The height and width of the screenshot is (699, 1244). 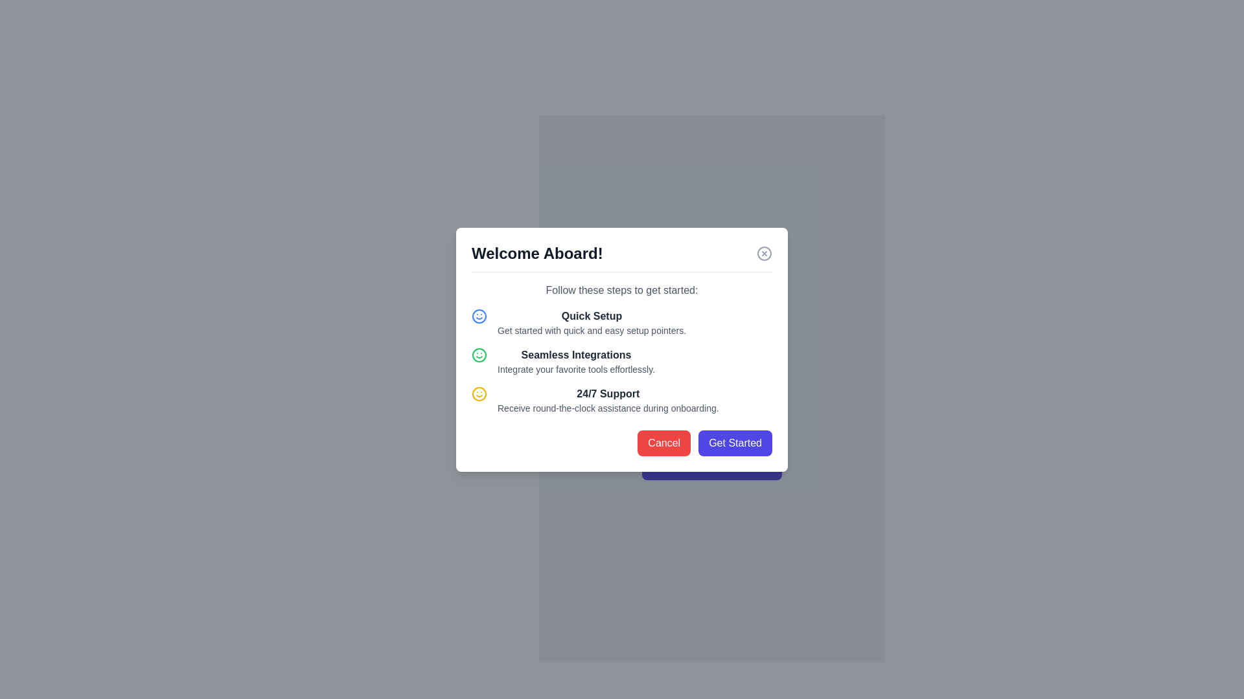 What do you see at coordinates (575, 369) in the screenshot?
I see `the Text Label that provides descriptive information about the 'Seamless Integrations' feature, located within a popup interface and positioned directly below the section title` at bounding box center [575, 369].